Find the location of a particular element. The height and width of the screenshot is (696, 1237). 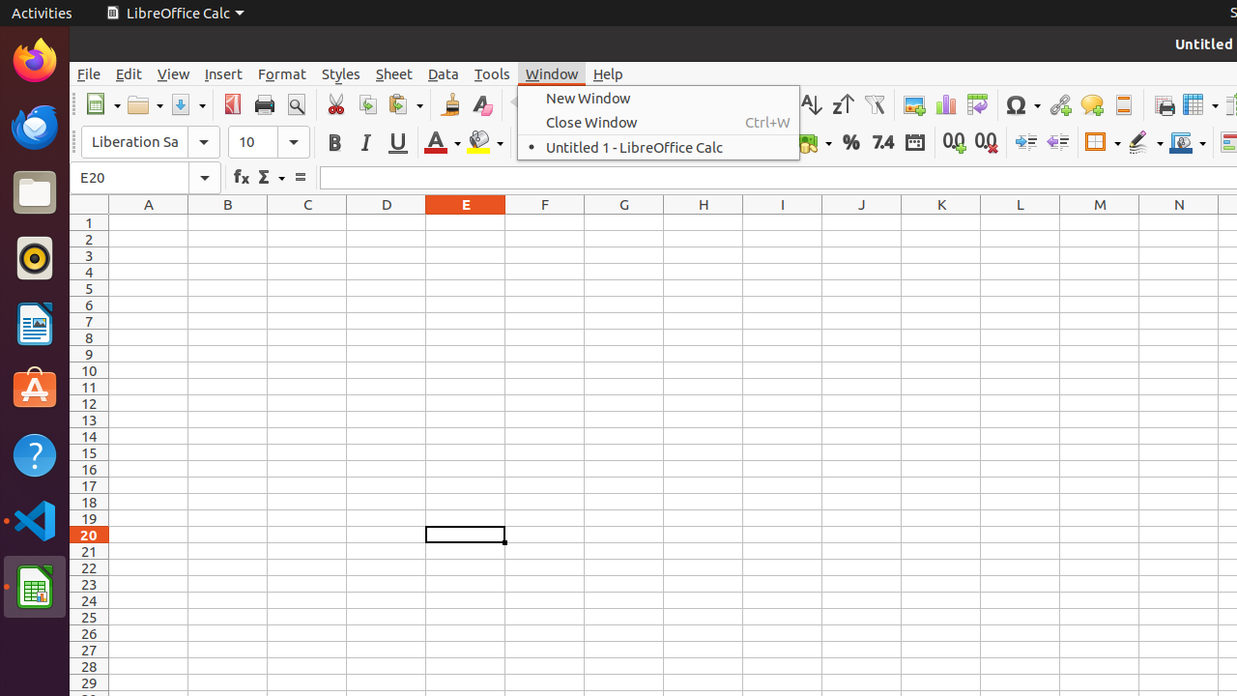

'Bold' is located at coordinates (333, 141).